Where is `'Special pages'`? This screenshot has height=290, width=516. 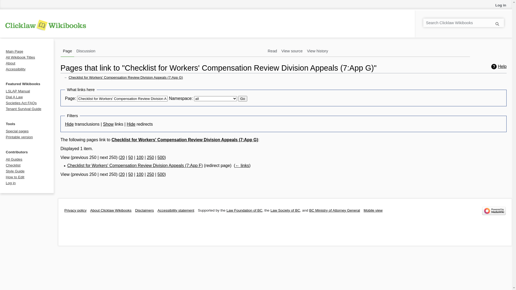 'Special pages' is located at coordinates (17, 131).